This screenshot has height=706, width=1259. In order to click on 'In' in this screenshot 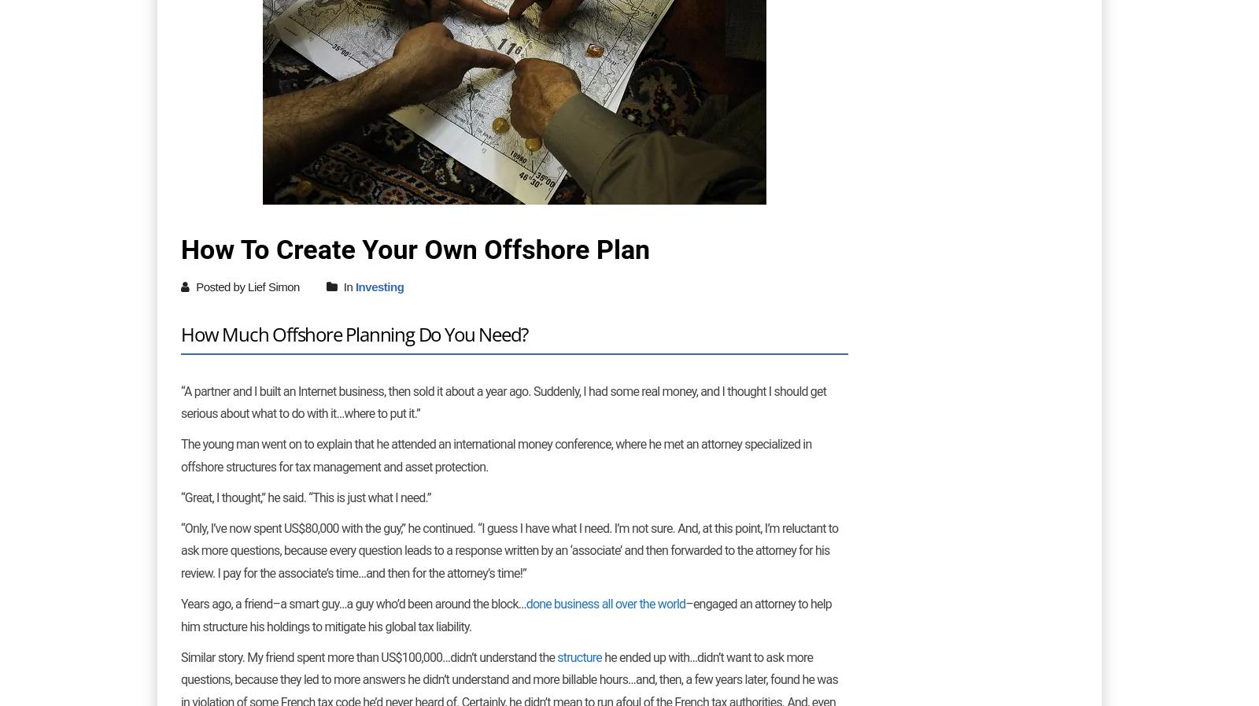, I will do `click(339, 286)`.